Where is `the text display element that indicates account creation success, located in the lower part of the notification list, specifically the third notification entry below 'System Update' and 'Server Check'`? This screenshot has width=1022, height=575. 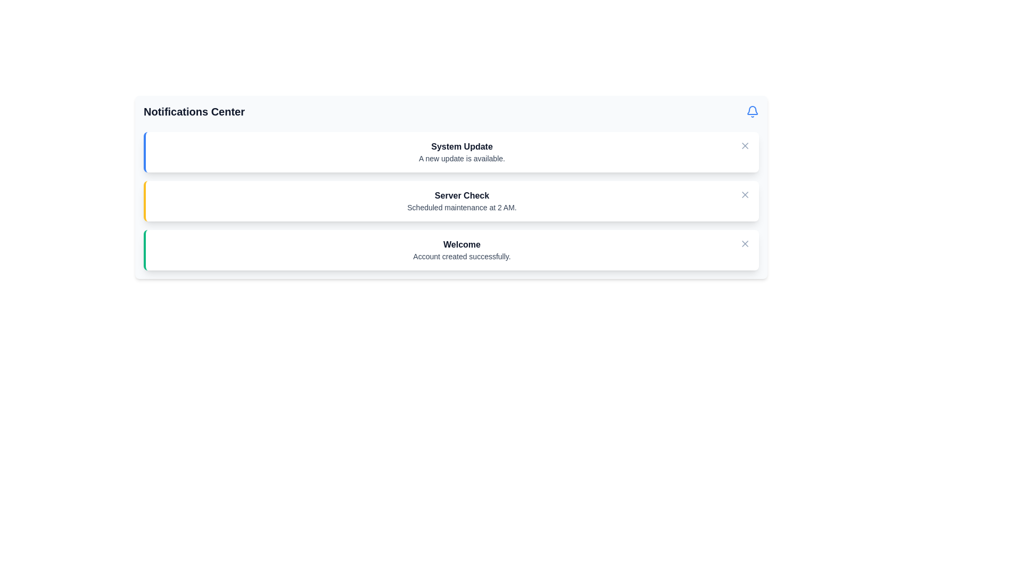
the text display element that indicates account creation success, located in the lower part of the notification list, specifically the third notification entry below 'System Update' and 'Server Check' is located at coordinates (462, 250).